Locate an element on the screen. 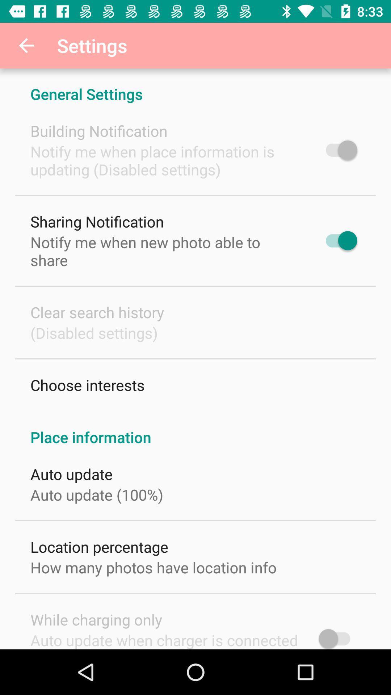 This screenshot has height=695, width=391. the item below the (disabled settings) is located at coordinates (87, 384).